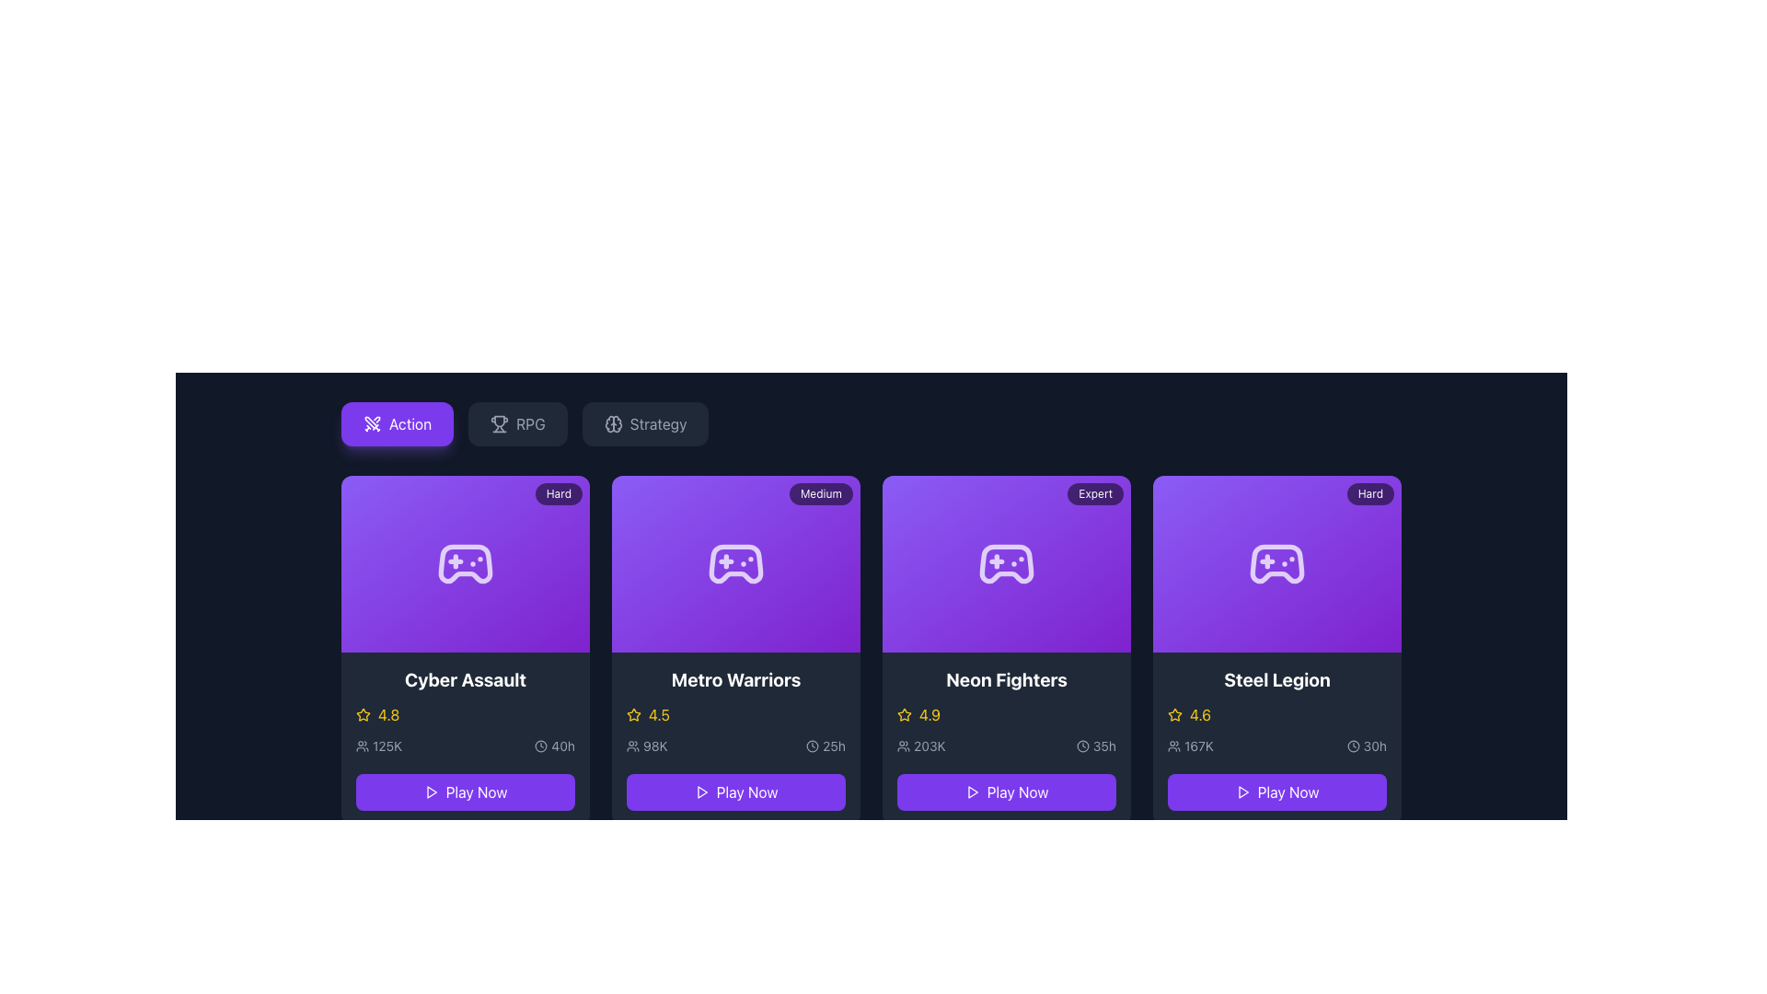  Describe the element at coordinates (1200, 713) in the screenshot. I see `the text label displaying the rating '4.6' in yellow font, which is located to the right of the star icon on the card for the game 'Steel Legion'` at that location.